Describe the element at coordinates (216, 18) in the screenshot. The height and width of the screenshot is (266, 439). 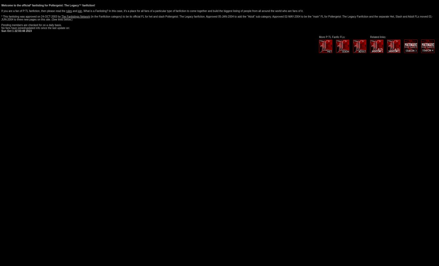
I see `'(in the Fanfiction category) to be its official 
        FL for het and slash Poltergeist: The Legacy fanfiction. Approved 05-JAN-2004 
        to add the "Adult" sub-category. Approved 02-MAY-2004 to be 
        the "main" FL for Poltergeist: The Legacy Fanfiction and the 
        separate Het, Slash and Adult FLs moved 01-JUN-2004 to three new pages 
        on this site. (See links below.)'` at that location.